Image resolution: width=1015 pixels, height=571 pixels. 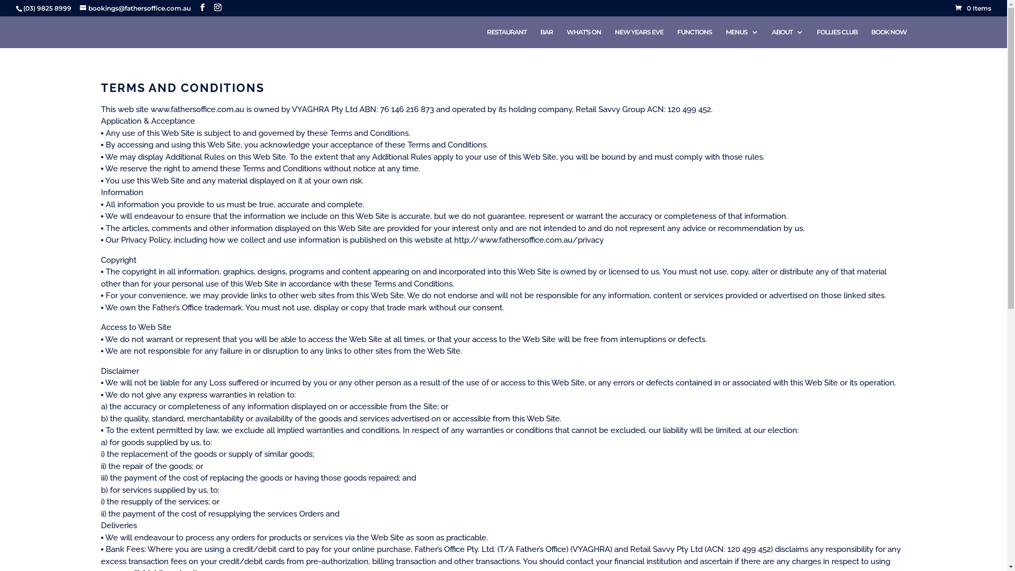 What do you see at coordinates (836, 38) in the screenshot?
I see `'FOLLIES CLUB'` at bounding box center [836, 38].